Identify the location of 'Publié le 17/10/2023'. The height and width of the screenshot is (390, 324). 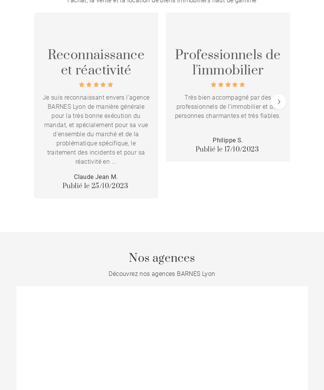
(227, 149).